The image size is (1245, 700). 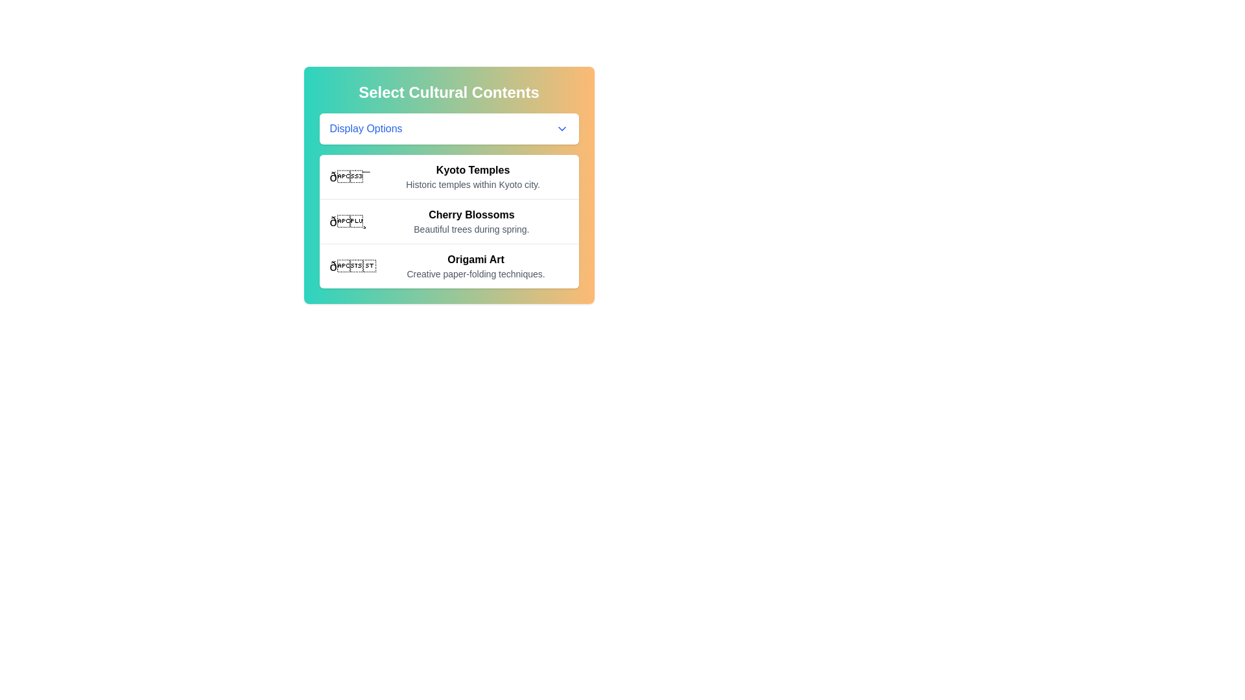 I want to click on the text label indicating 'Kyoto Temples', so click(x=472, y=169).